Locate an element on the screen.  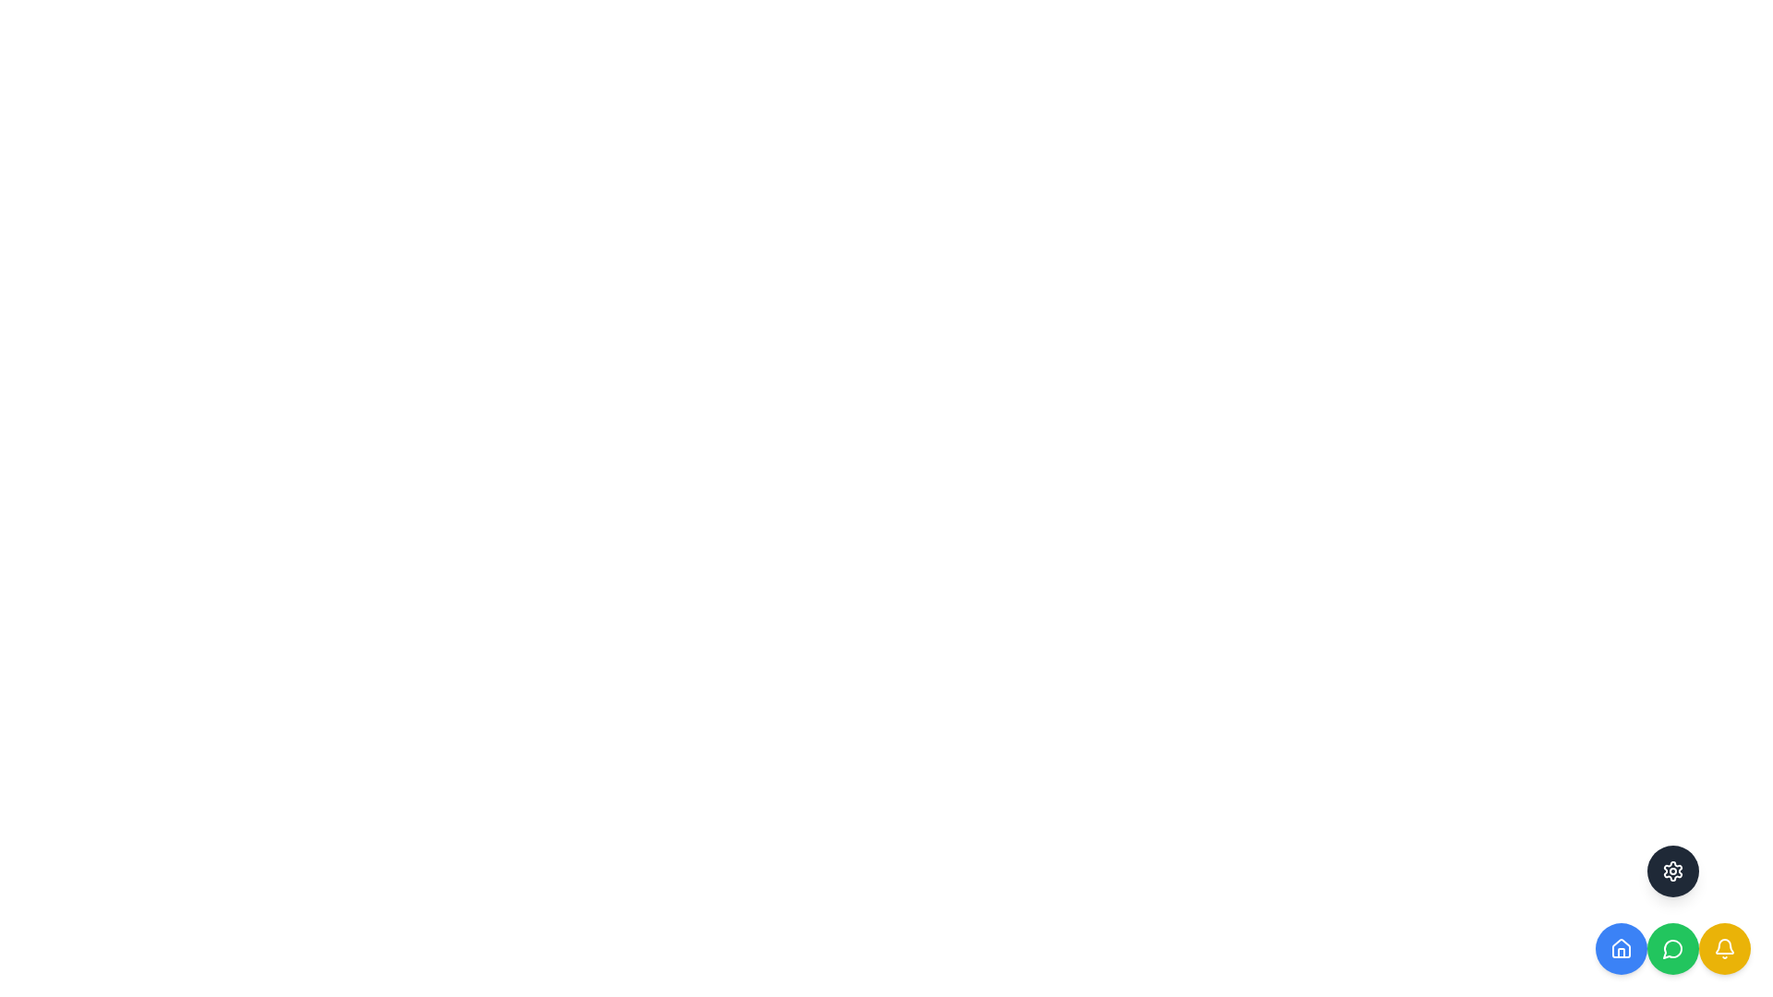
the gear icon button located at the bottom-right corner of the interface is located at coordinates (1672, 871).